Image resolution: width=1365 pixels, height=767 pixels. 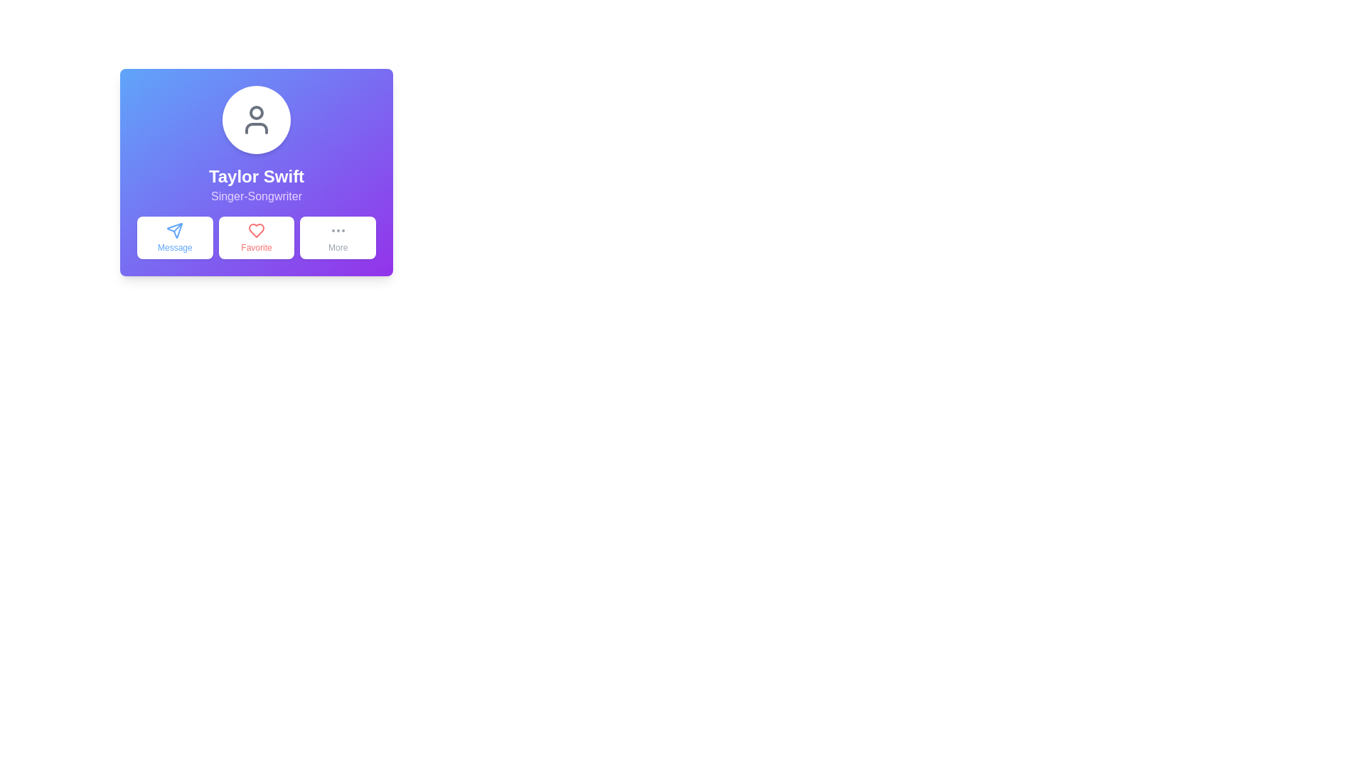 What do you see at coordinates (337, 229) in the screenshot?
I see `the 'More' icon button located to the right of the 'Favorite' button` at bounding box center [337, 229].